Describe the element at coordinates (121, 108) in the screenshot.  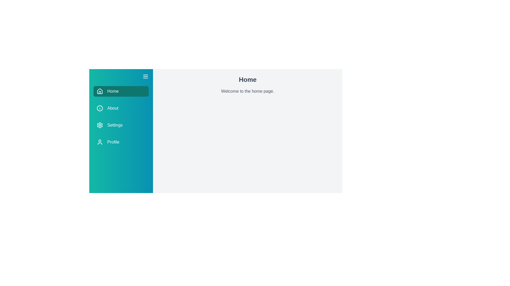
I see `the menu item About to trigger its hover effect` at that location.